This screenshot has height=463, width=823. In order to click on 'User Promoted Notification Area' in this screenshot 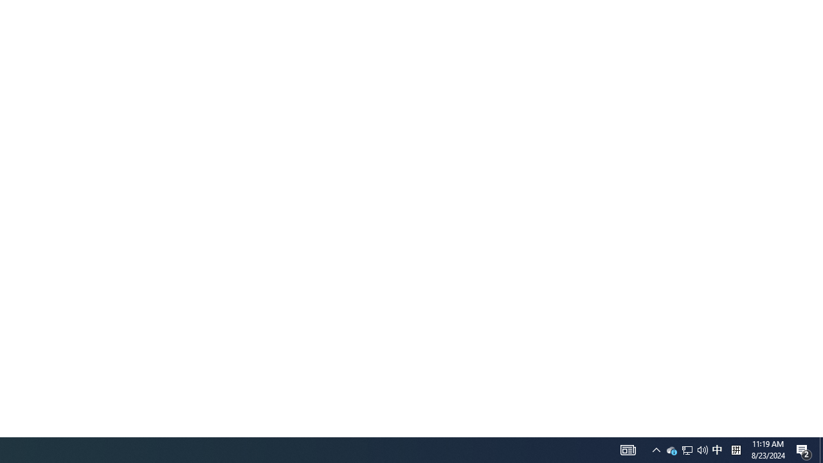, I will do `click(656, 449)`.